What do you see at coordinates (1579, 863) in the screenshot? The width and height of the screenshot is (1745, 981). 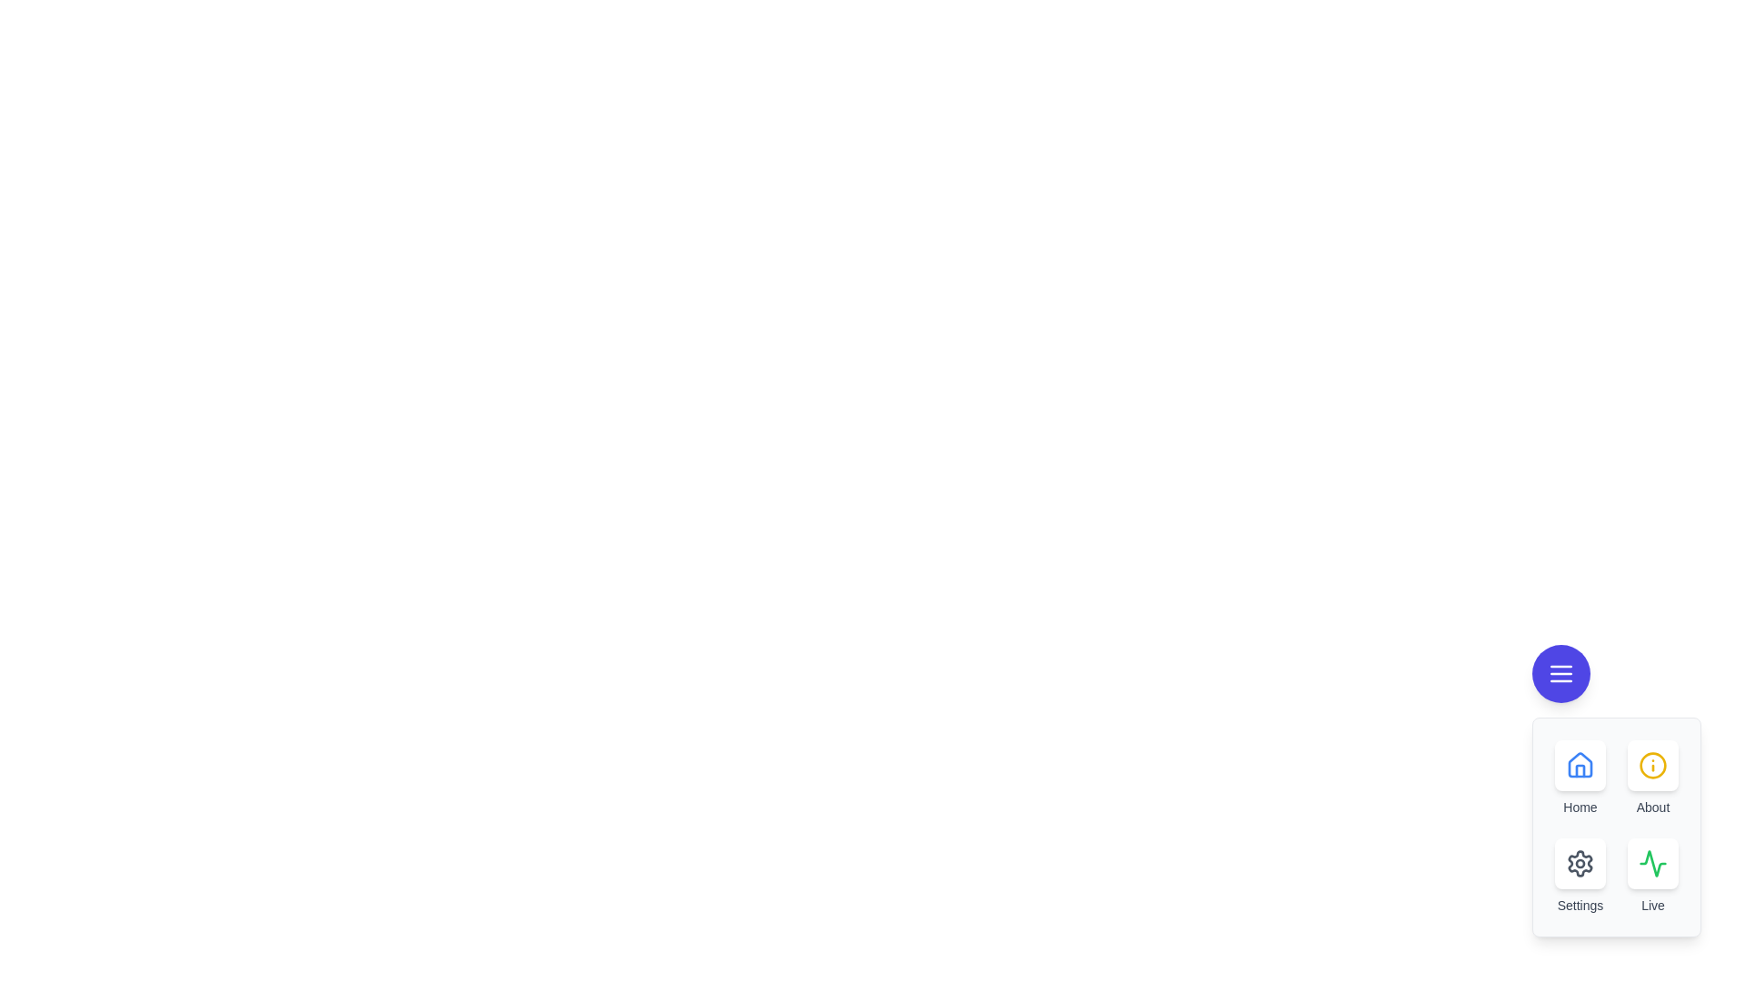 I see `the button labeled Settings to observe its hover effect` at bounding box center [1579, 863].